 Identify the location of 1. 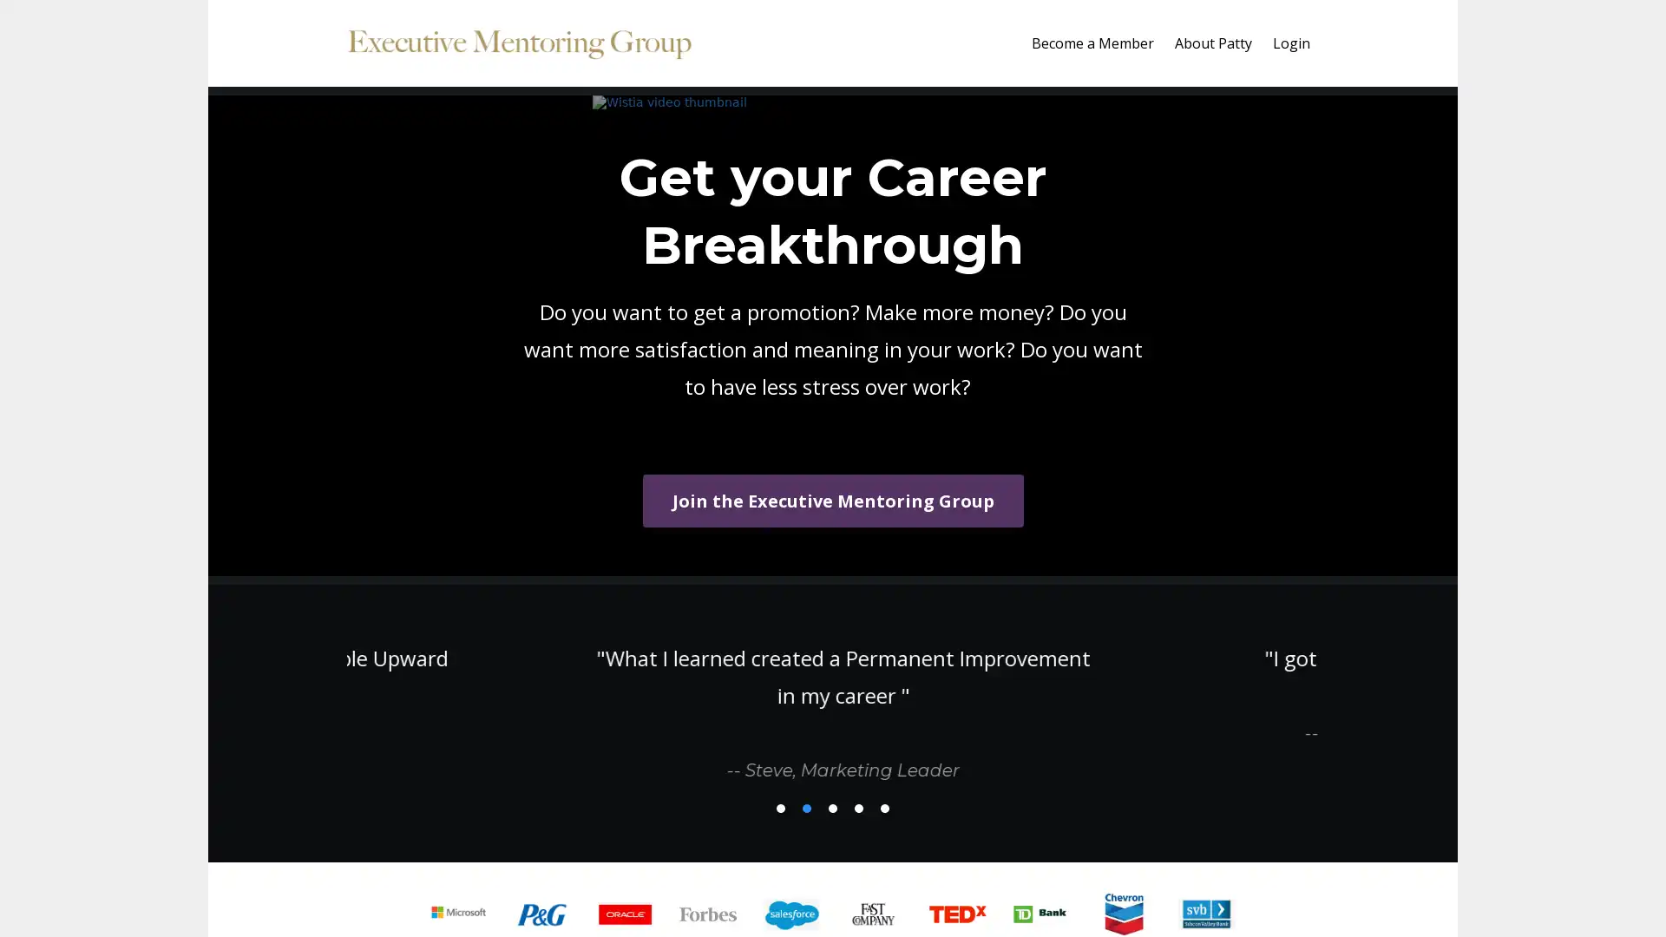
(780, 769).